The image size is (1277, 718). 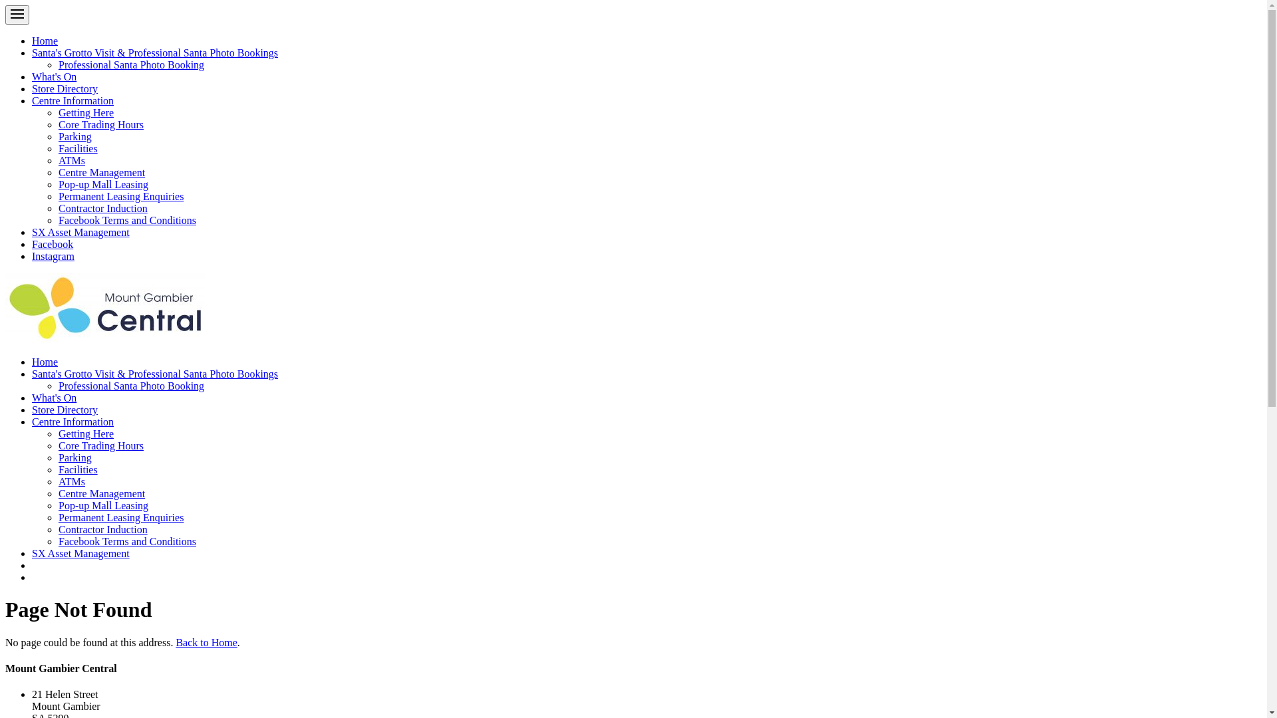 What do you see at coordinates (5, 308) in the screenshot?
I see `'Mount Gambier Central'` at bounding box center [5, 308].